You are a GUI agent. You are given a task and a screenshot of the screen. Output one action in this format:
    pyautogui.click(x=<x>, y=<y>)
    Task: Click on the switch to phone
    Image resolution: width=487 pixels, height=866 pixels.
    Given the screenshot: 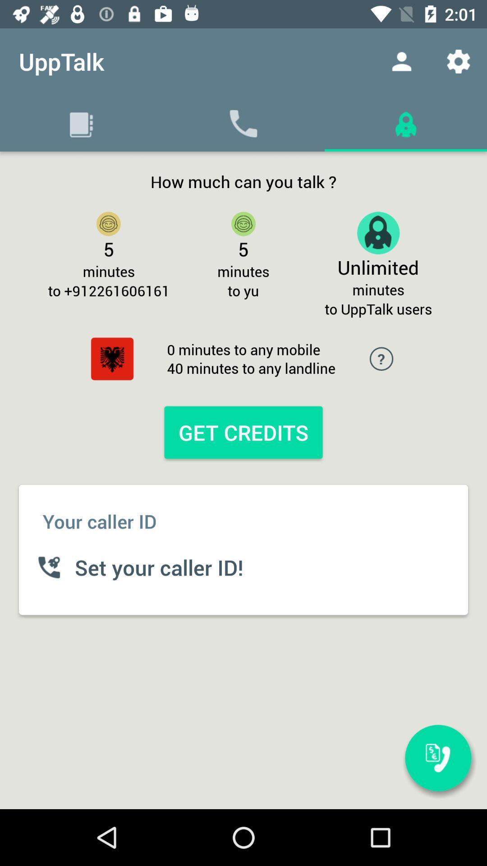 What is the action you would take?
    pyautogui.click(x=438, y=758)
    